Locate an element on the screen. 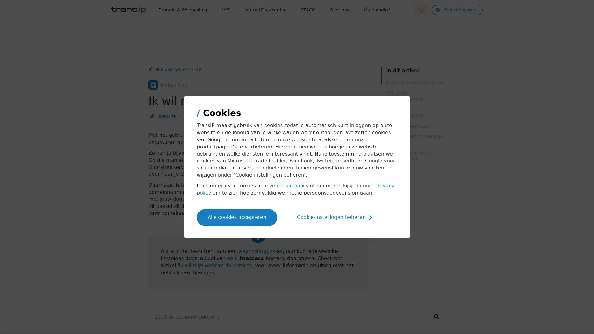  Alle cookies accepteren is located at coordinates (237, 217).